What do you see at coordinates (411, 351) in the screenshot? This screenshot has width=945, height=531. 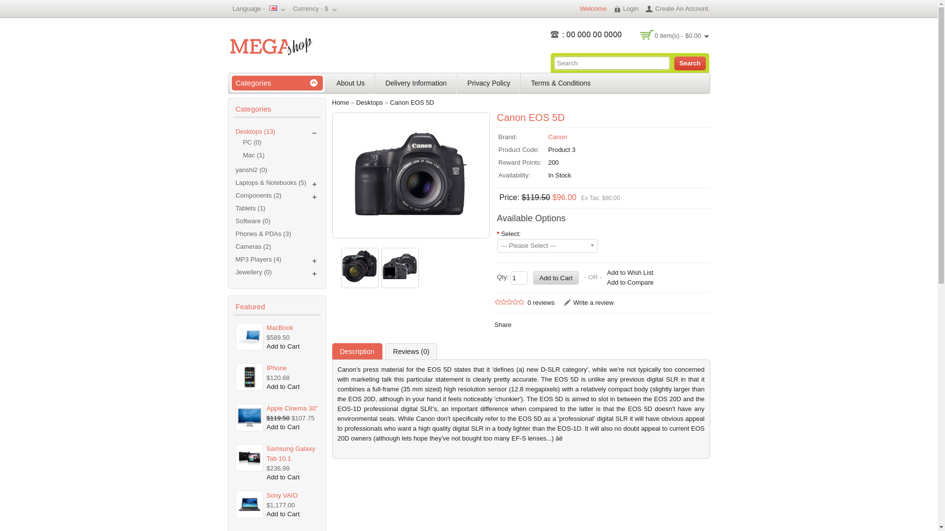 I see `'Reviews (0)'` at bounding box center [411, 351].